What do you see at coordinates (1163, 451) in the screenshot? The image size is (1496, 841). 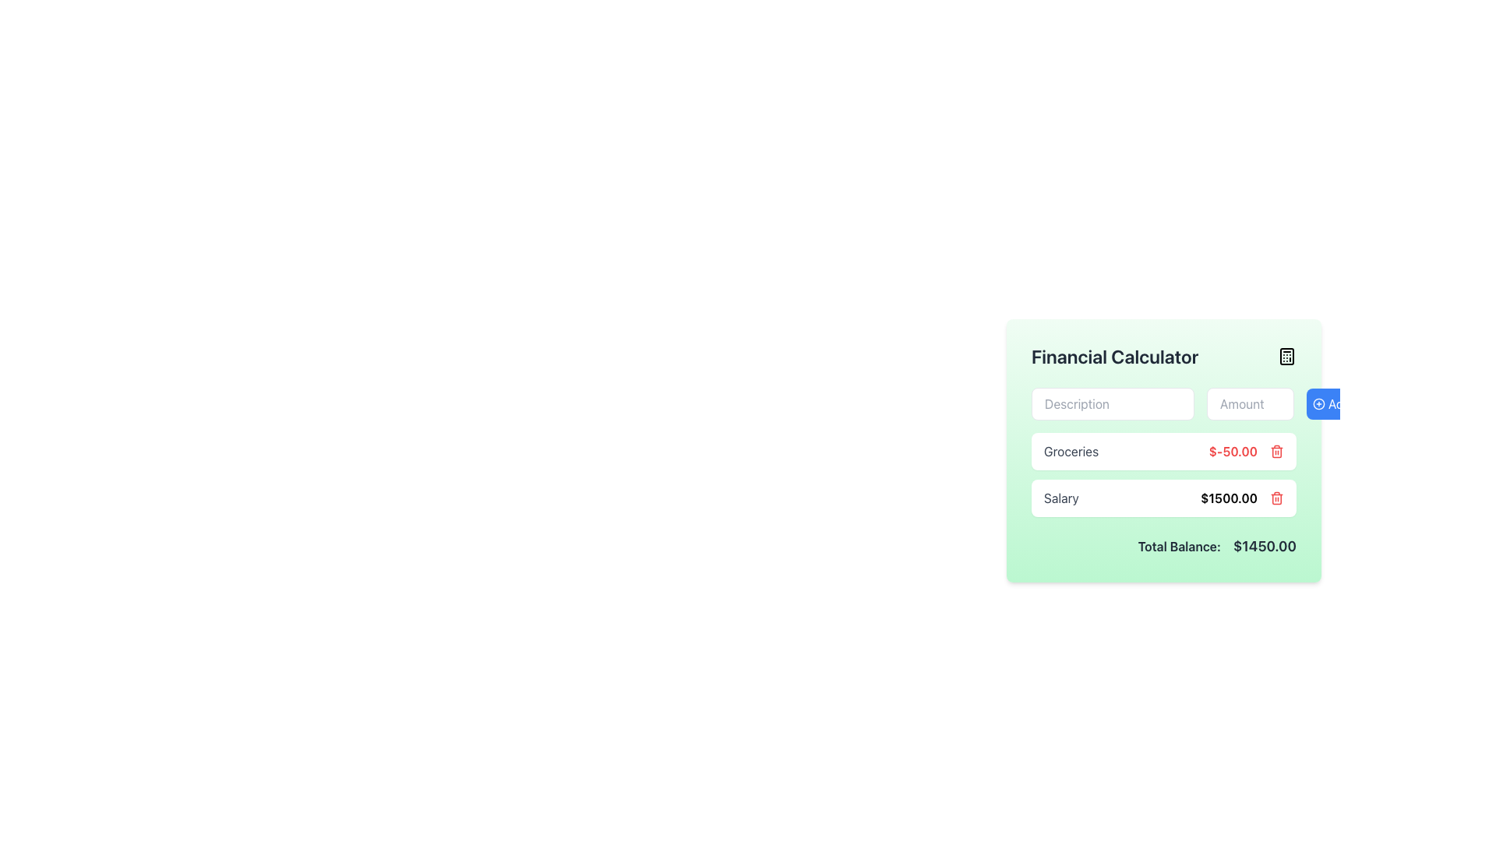 I see `the first list item displaying the transaction entry for 'Groceries' with the amount '$-50.00'` at bounding box center [1163, 451].